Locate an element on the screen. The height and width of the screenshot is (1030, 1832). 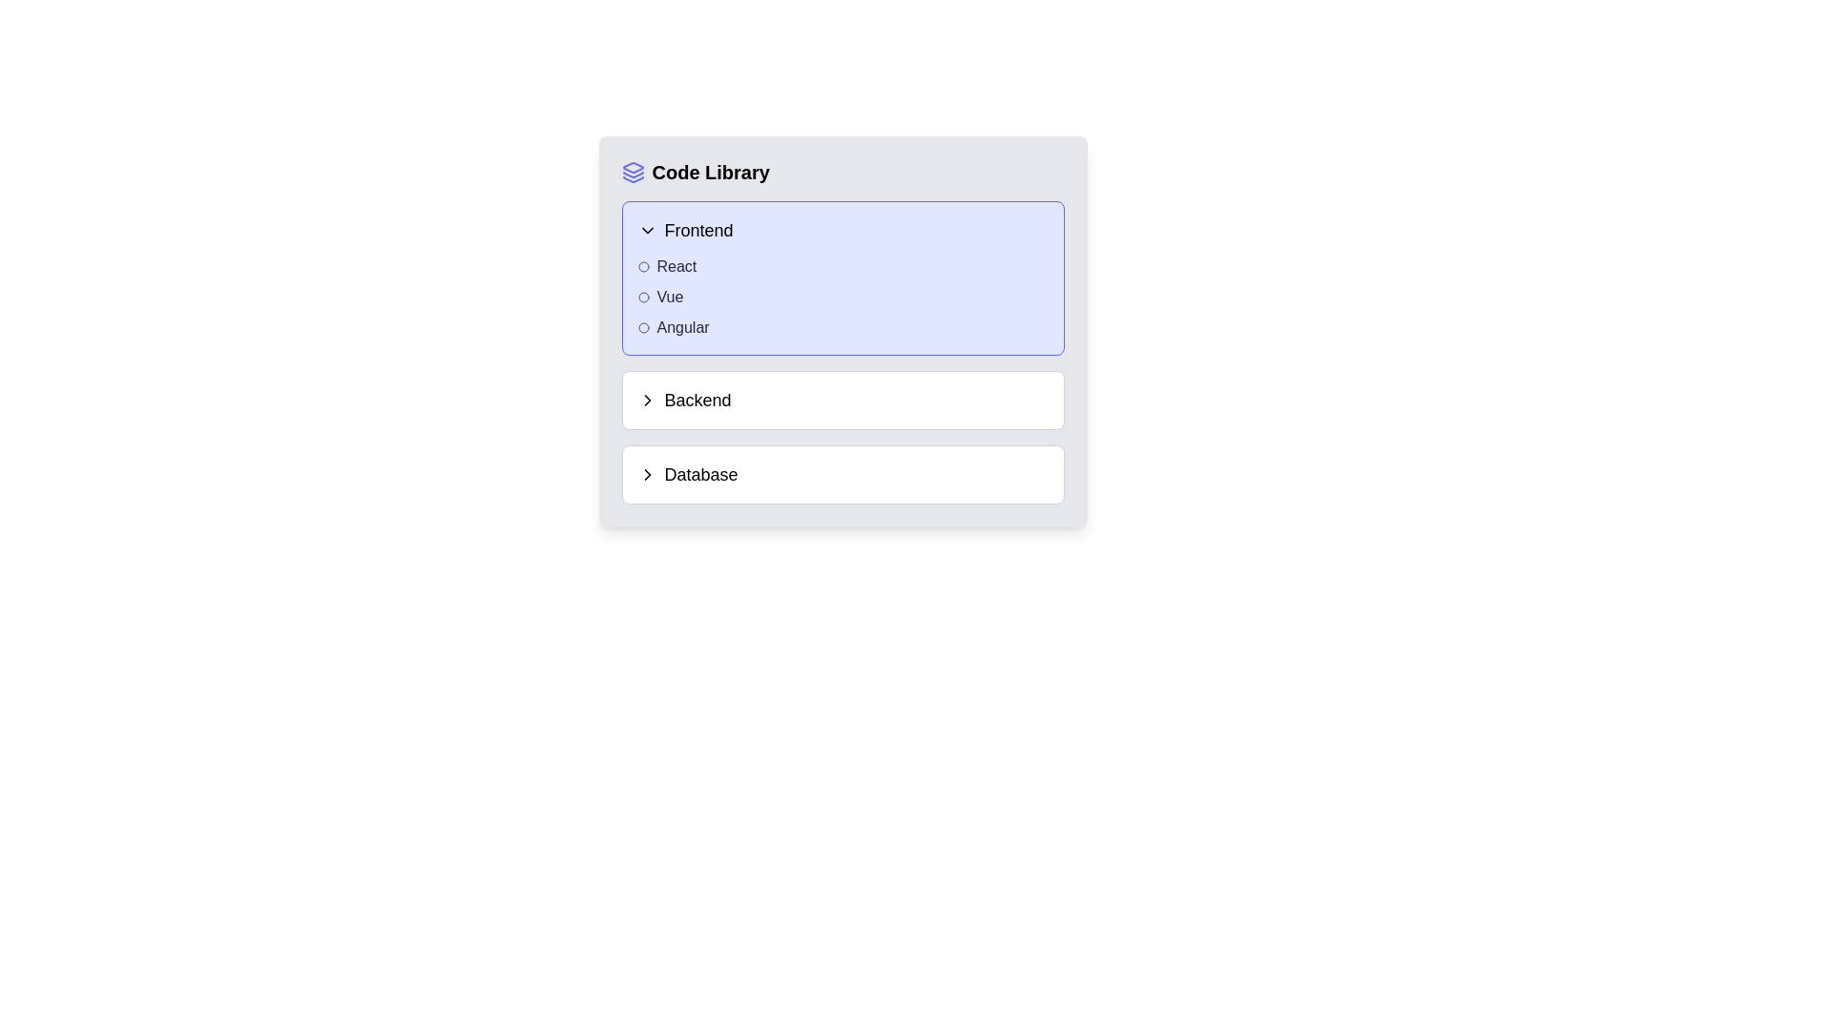
text label 'Vue' located in the 'Frontend' section of the collapsible menu, positioned beneath 'React' and above 'Angular' is located at coordinates (670, 298).